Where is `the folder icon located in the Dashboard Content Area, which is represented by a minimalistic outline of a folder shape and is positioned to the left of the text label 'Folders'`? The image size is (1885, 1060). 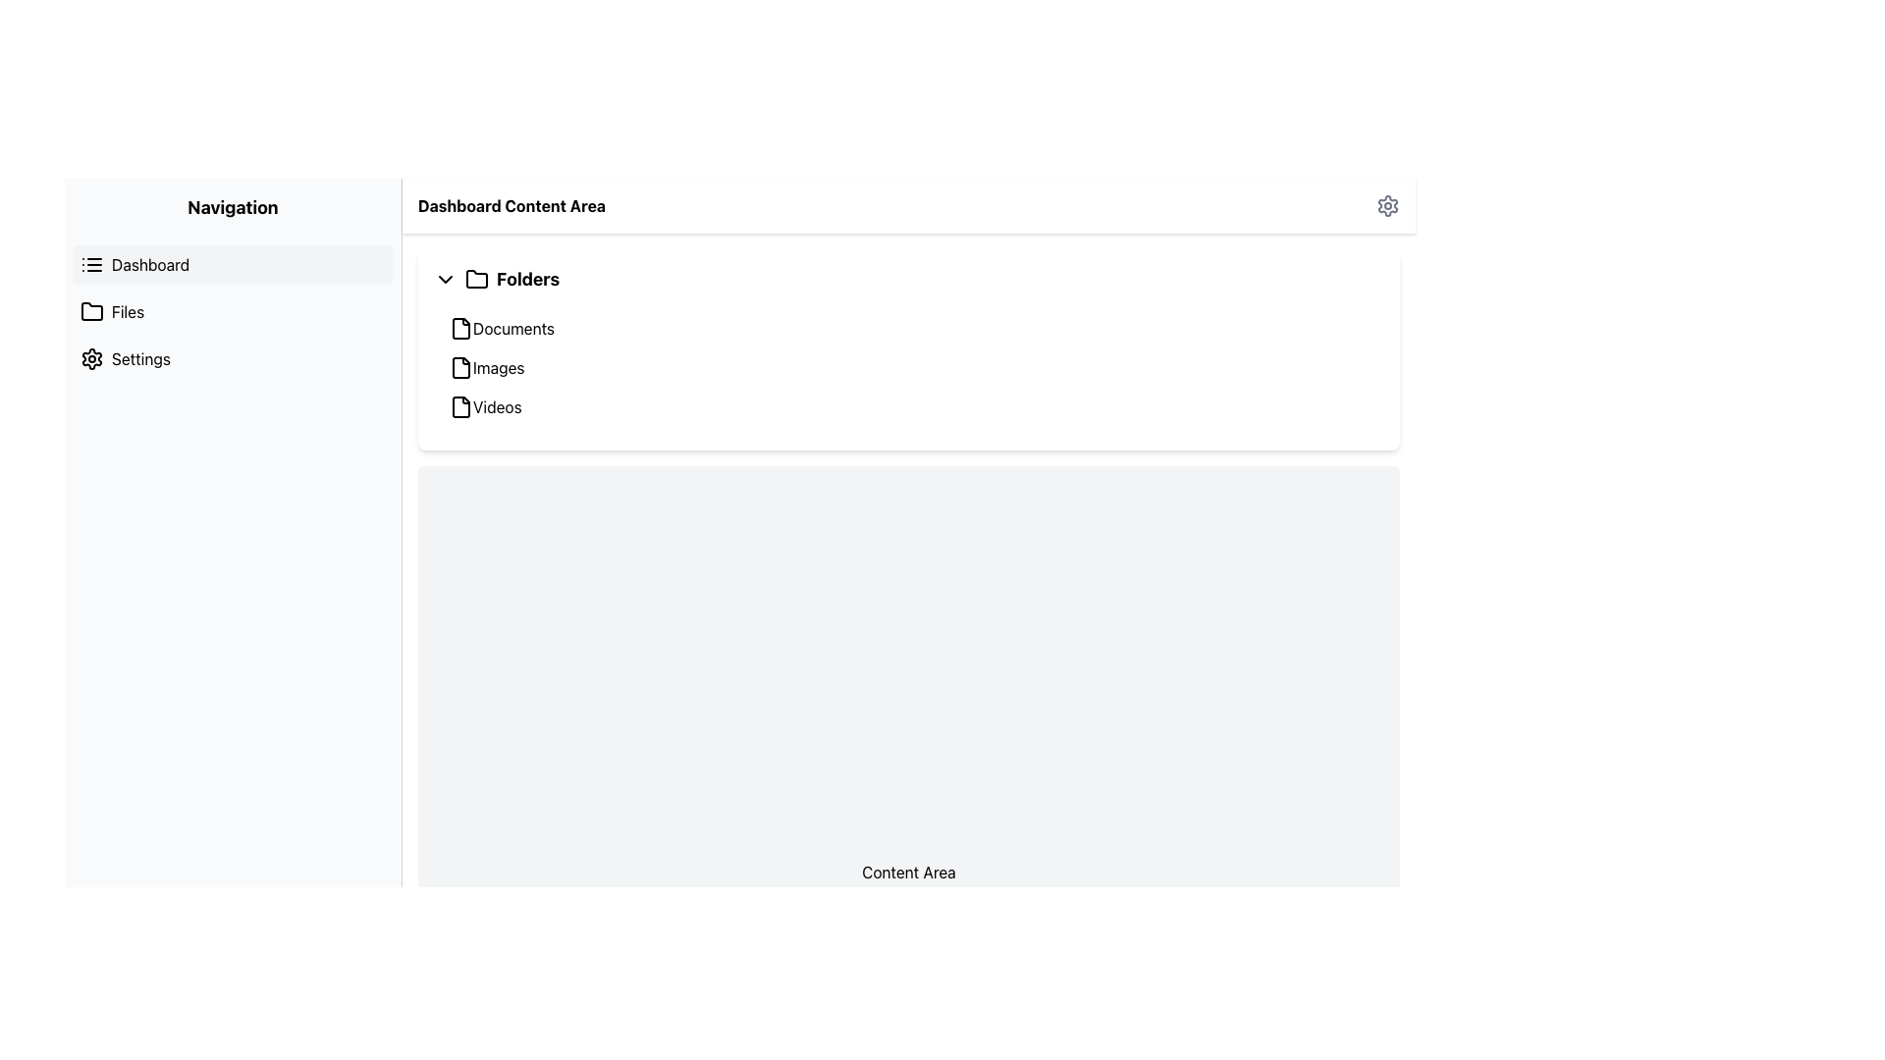
the folder icon located in the Dashboard Content Area, which is represented by a minimalistic outline of a folder shape and is positioned to the left of the text label 'Folders' is located at coordinates (476, 280).